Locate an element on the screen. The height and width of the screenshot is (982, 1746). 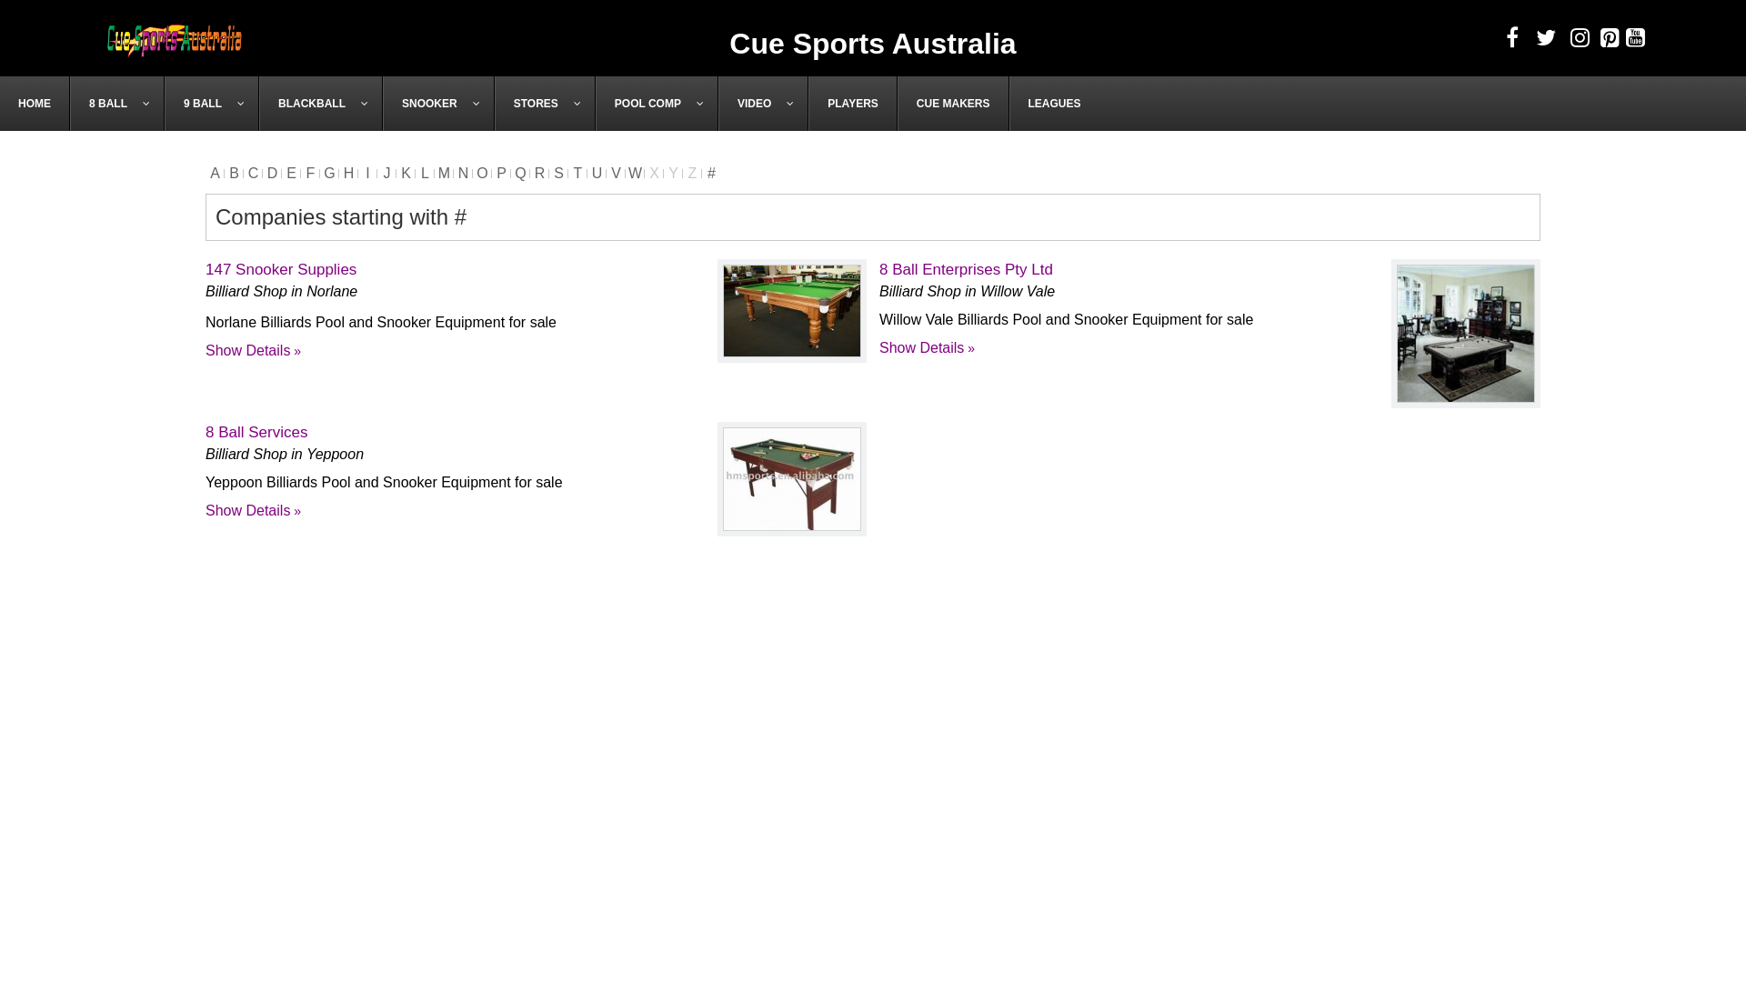
'R' is located at coordinates (538, 173).